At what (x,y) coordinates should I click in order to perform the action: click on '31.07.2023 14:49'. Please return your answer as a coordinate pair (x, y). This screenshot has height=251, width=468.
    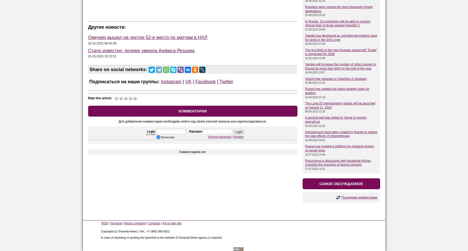
    Looking at the image, I should click on (305, 154).